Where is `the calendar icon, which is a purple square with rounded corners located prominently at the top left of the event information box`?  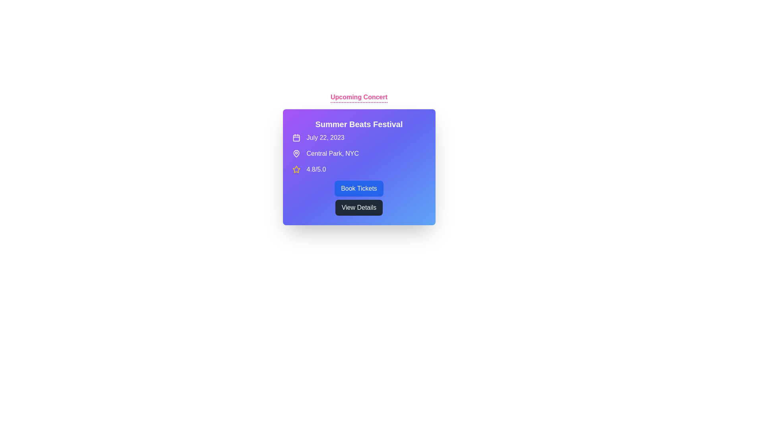 the calendar icon, which is a purple square with rounded corners located prominently at the top left of the event information box is located at coordinates (296, 137).